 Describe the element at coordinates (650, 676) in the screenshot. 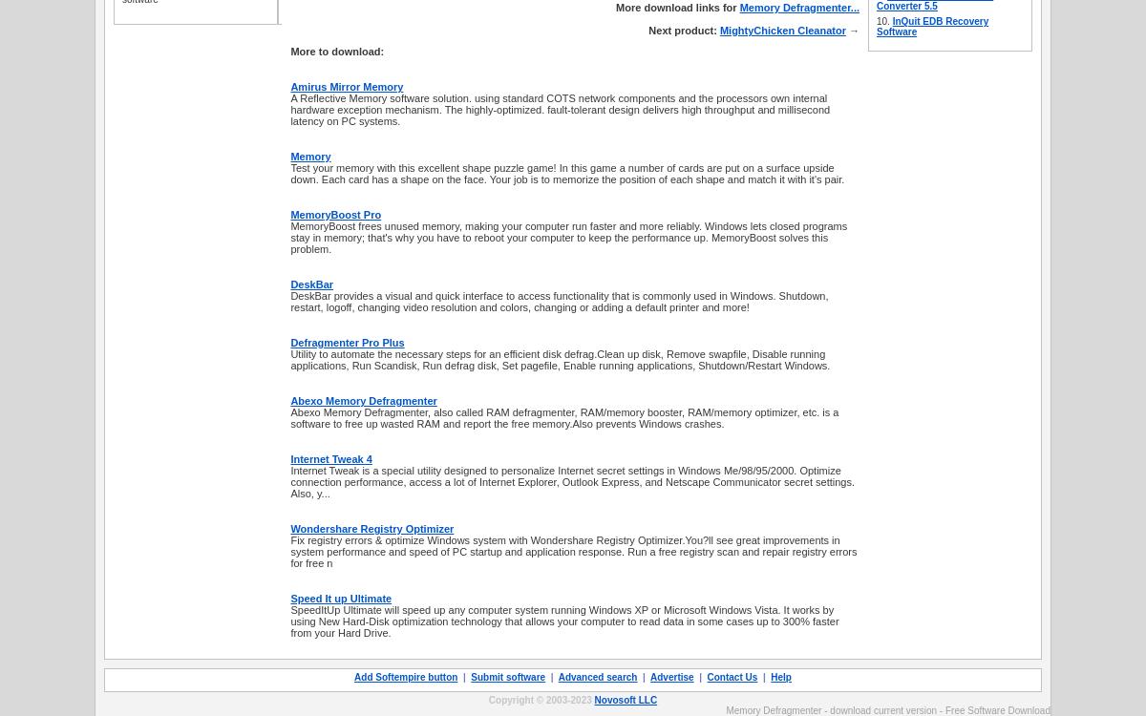

I see `'Advertise'` at that location.